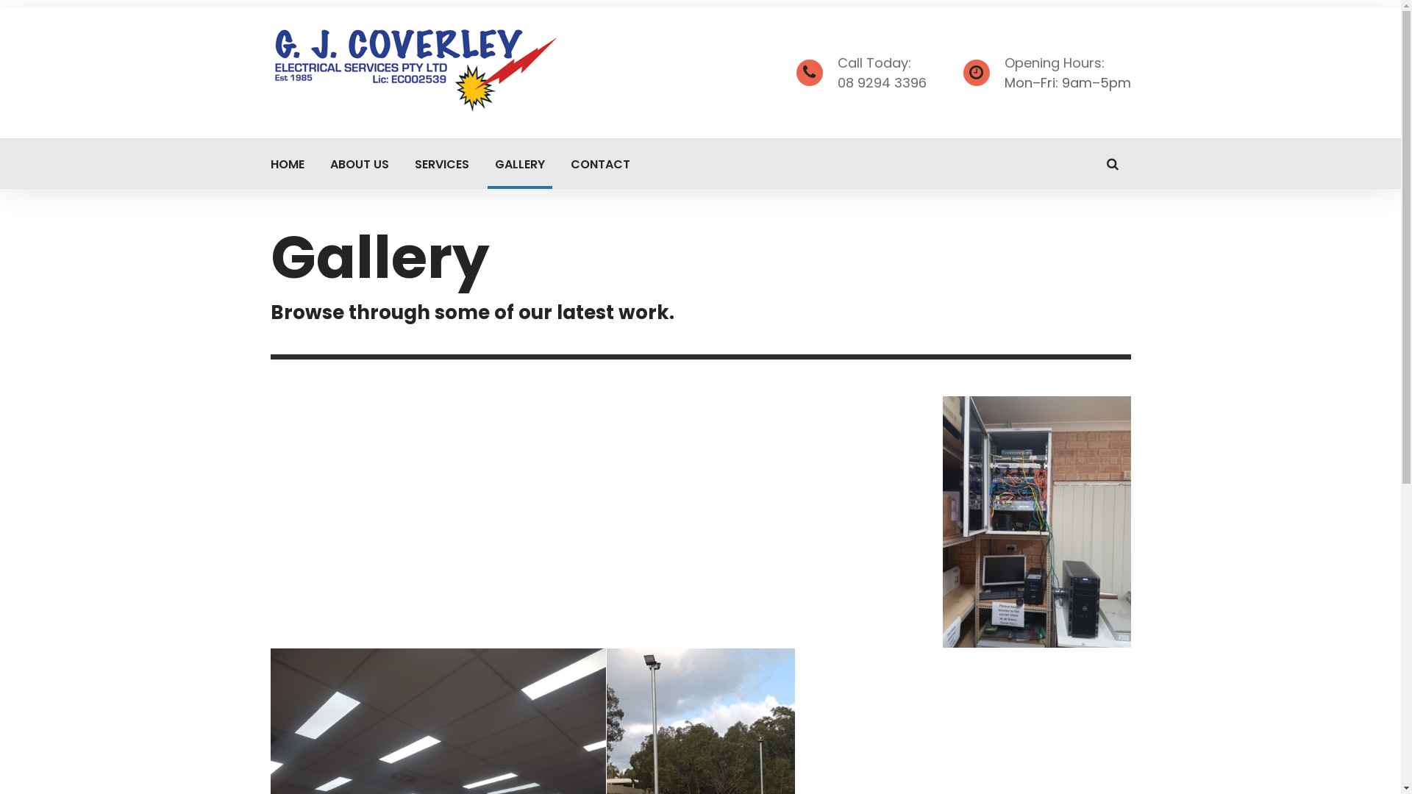 The width and height of the screenshot is (1412, 794). Describe the element at coordinates (0, 0) in the screenshot. I see `'Skip to content'` at that location.